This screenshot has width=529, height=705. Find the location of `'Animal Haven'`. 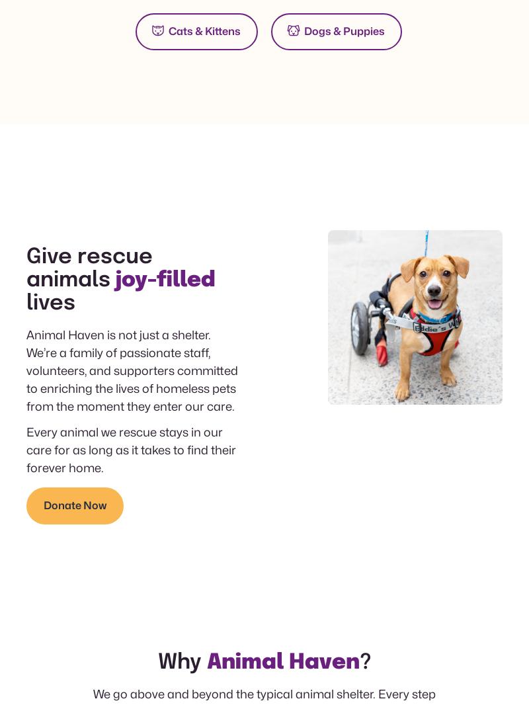

'Animal Haven' is located at coordinates (206, 663).